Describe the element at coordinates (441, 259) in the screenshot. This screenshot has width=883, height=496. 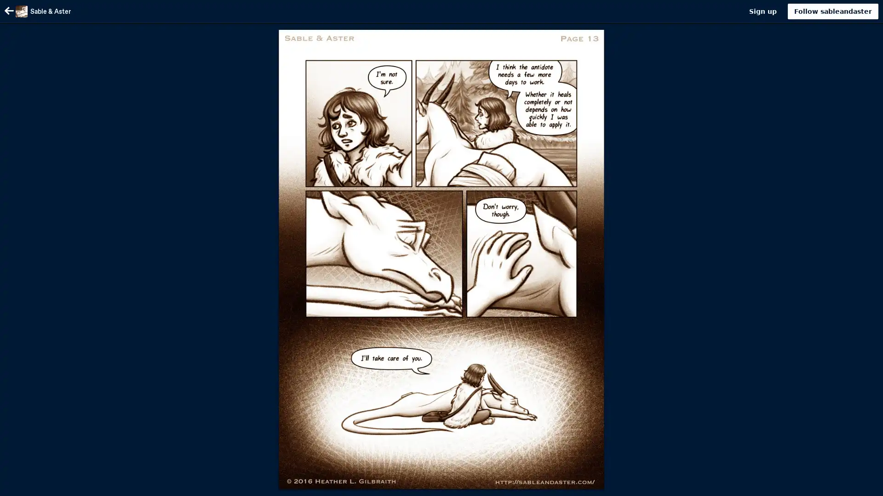
I see `Image` at that location.